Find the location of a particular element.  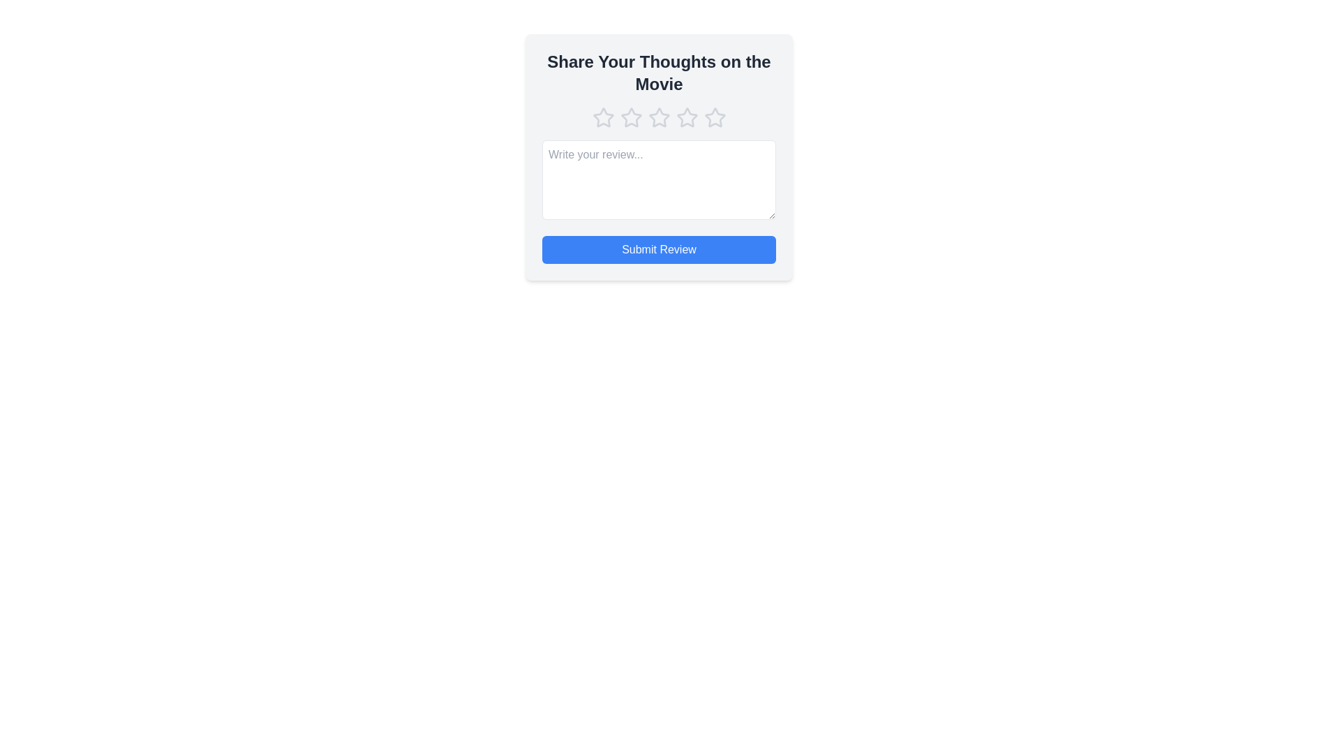

the first star-shaped interactive rating icon, which is hollow with a thin stroke and part of a group of five stars is located at coordinates (603, 117).